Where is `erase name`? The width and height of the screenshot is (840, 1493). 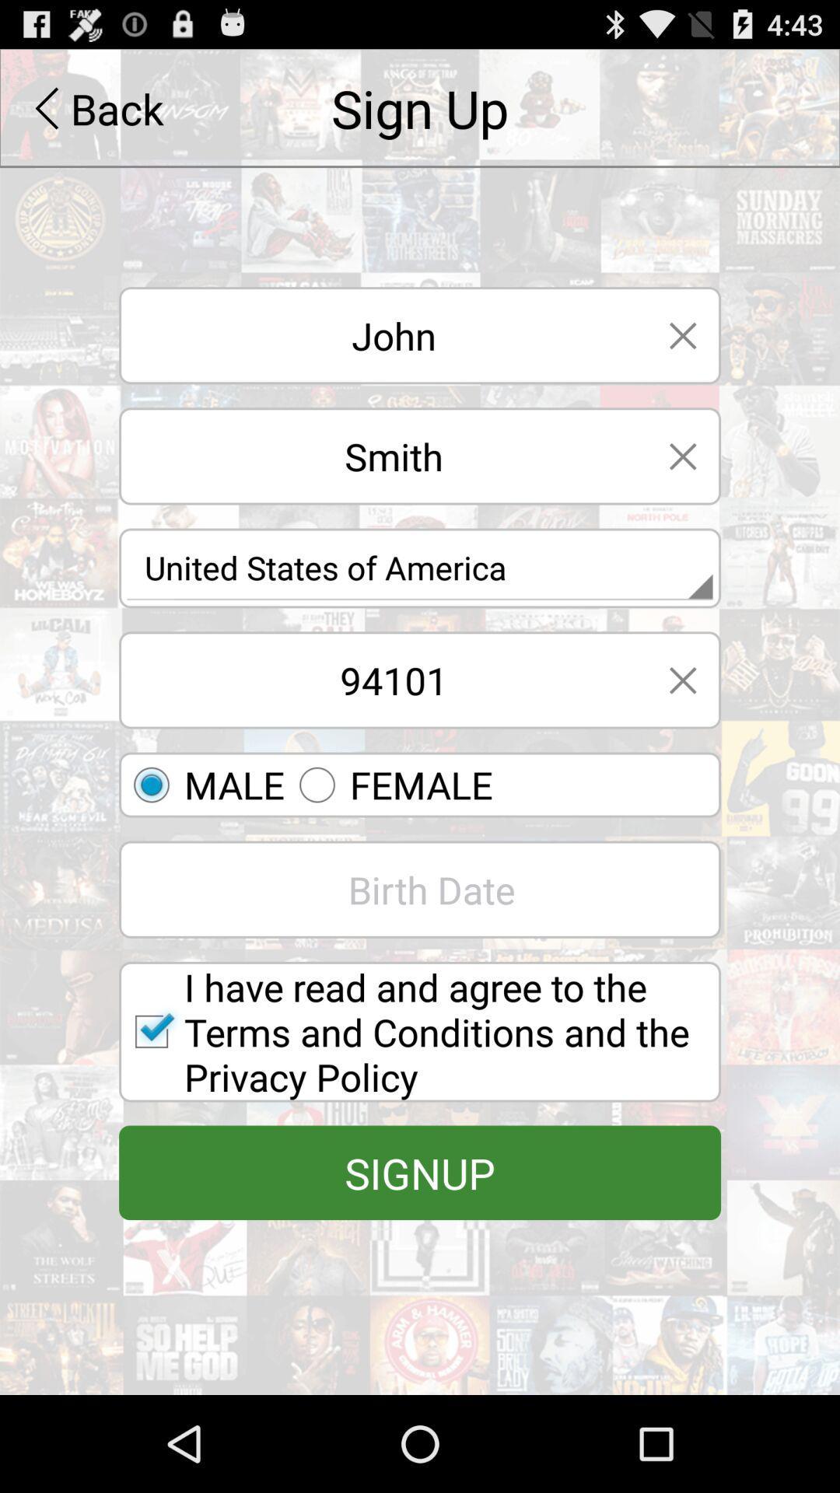
erase name is located at coordinates (682, 334).